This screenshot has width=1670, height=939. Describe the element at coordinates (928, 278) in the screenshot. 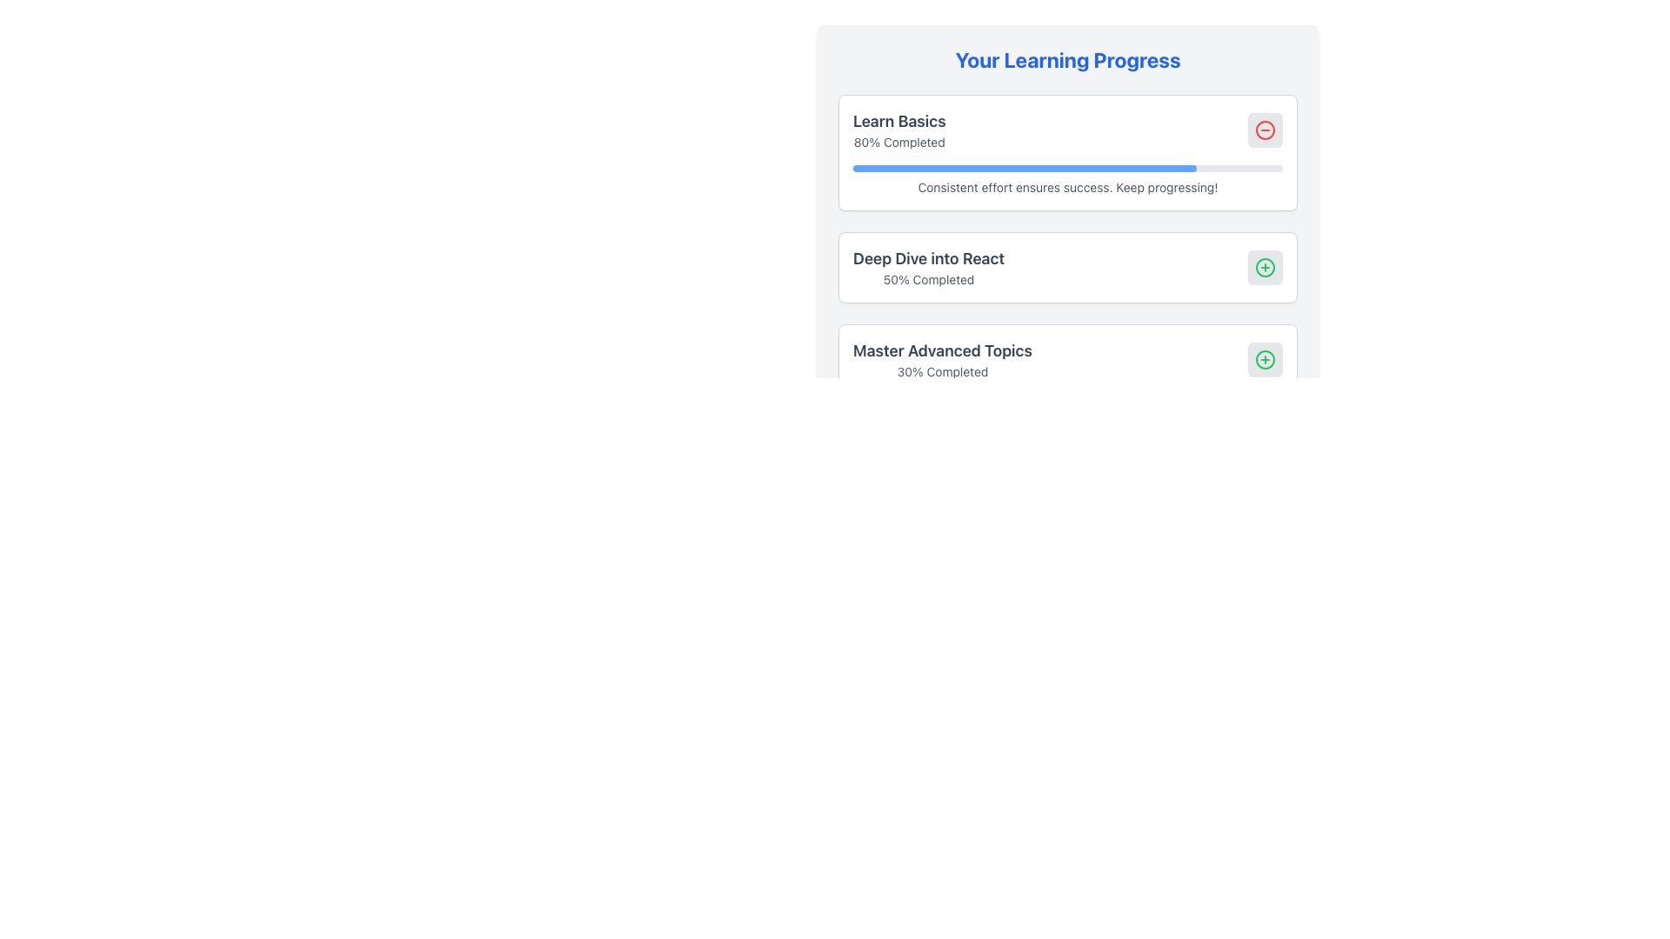

I see `the Text Label that displays the progress percentage of the 'Deep Dive into React' module, which is located directly below the title text in the center of the progress indicators interface` at that location.